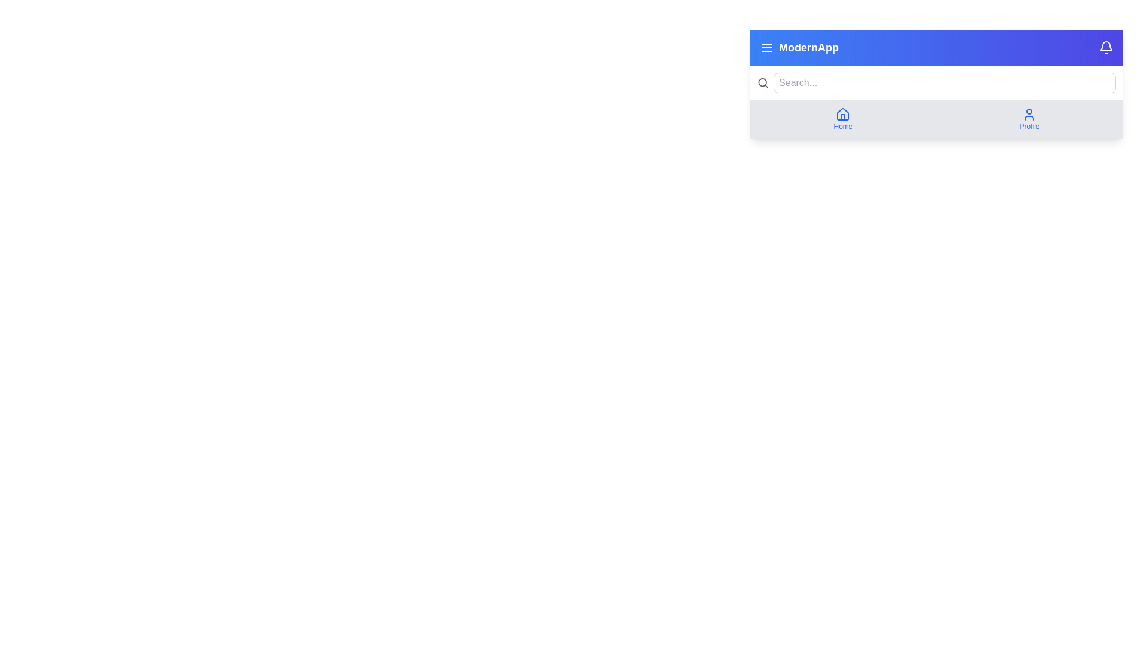 Image resolution: width=1147 pixels, height=645 pixels. What do you see at coordinates (842, 115) in the screenshot?
I see `the blue outlined house icon in the navigation panel` at bounding box center [842, 115].